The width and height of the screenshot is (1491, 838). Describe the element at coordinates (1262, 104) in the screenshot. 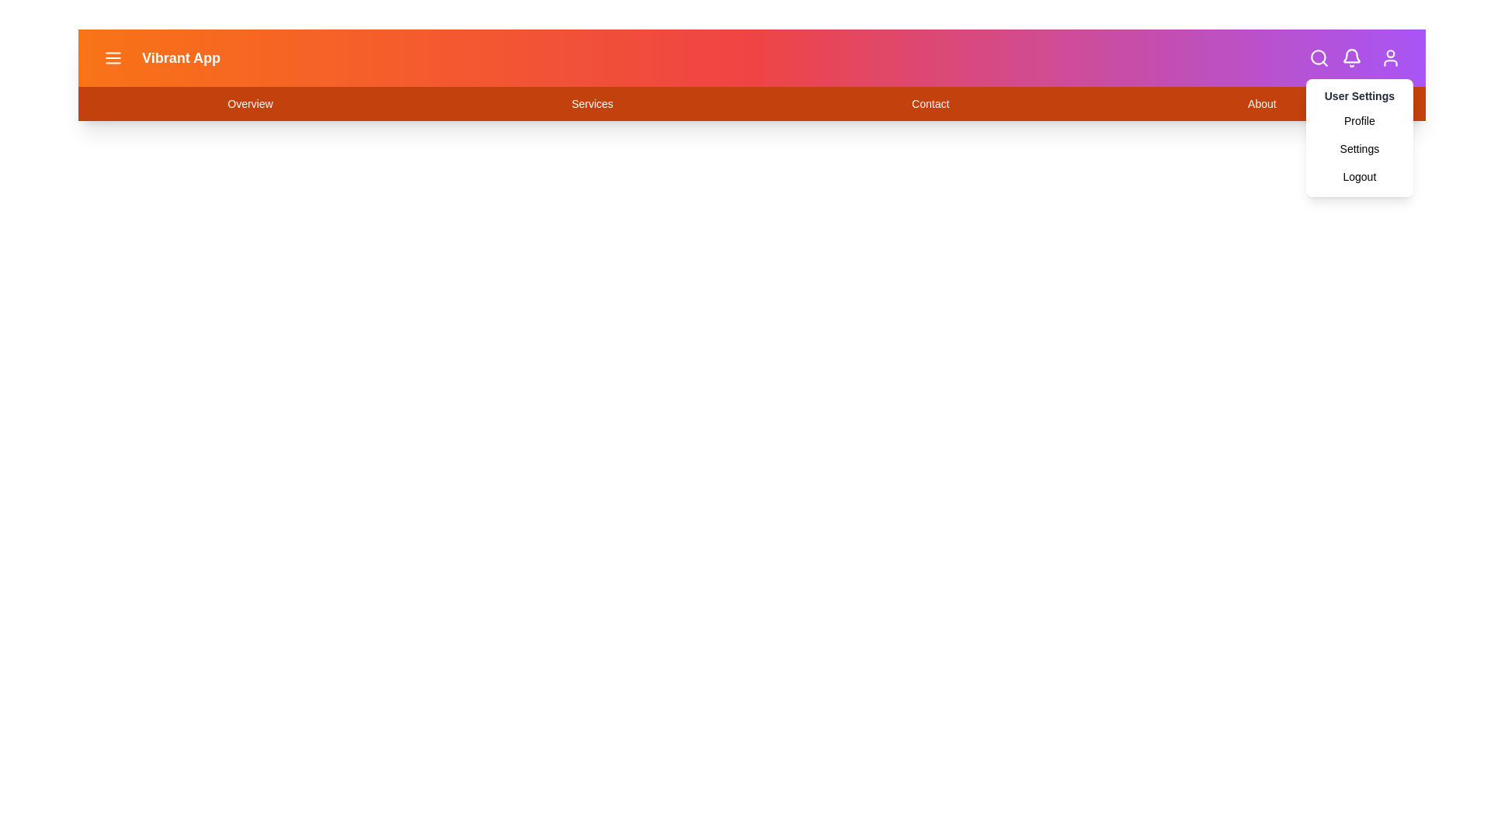

I see `the navigation link labeled About` at that location.